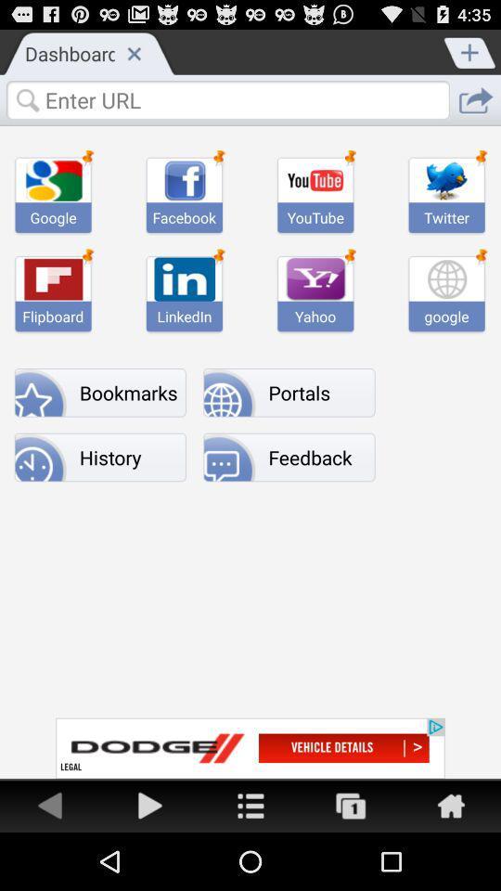 This screenshot has width=501, height=891. Describe the element at coordinates (220, 157) in the screenshot. I see `the pin icon which is on the top second image` at that location.